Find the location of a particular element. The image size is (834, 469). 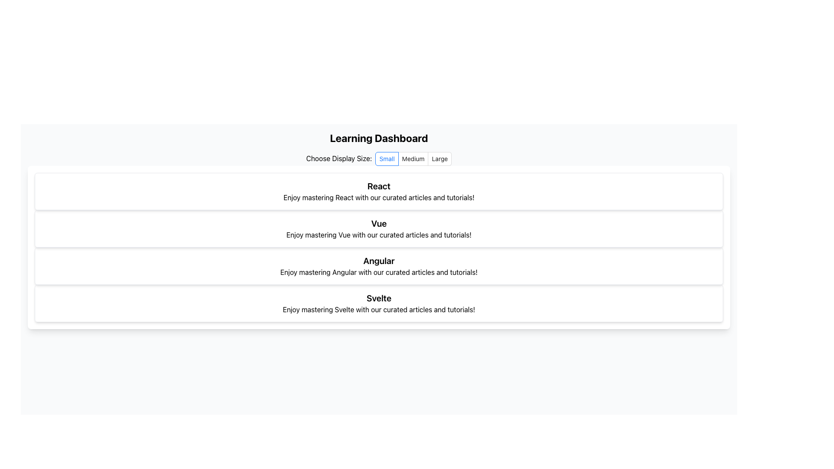

the informational card about 'Svelte', which is the fourth card in a vertically stacked layout of similar elements for topics like 'React', 'Vue', and 'Angular' is located at coordinates (379, 303).